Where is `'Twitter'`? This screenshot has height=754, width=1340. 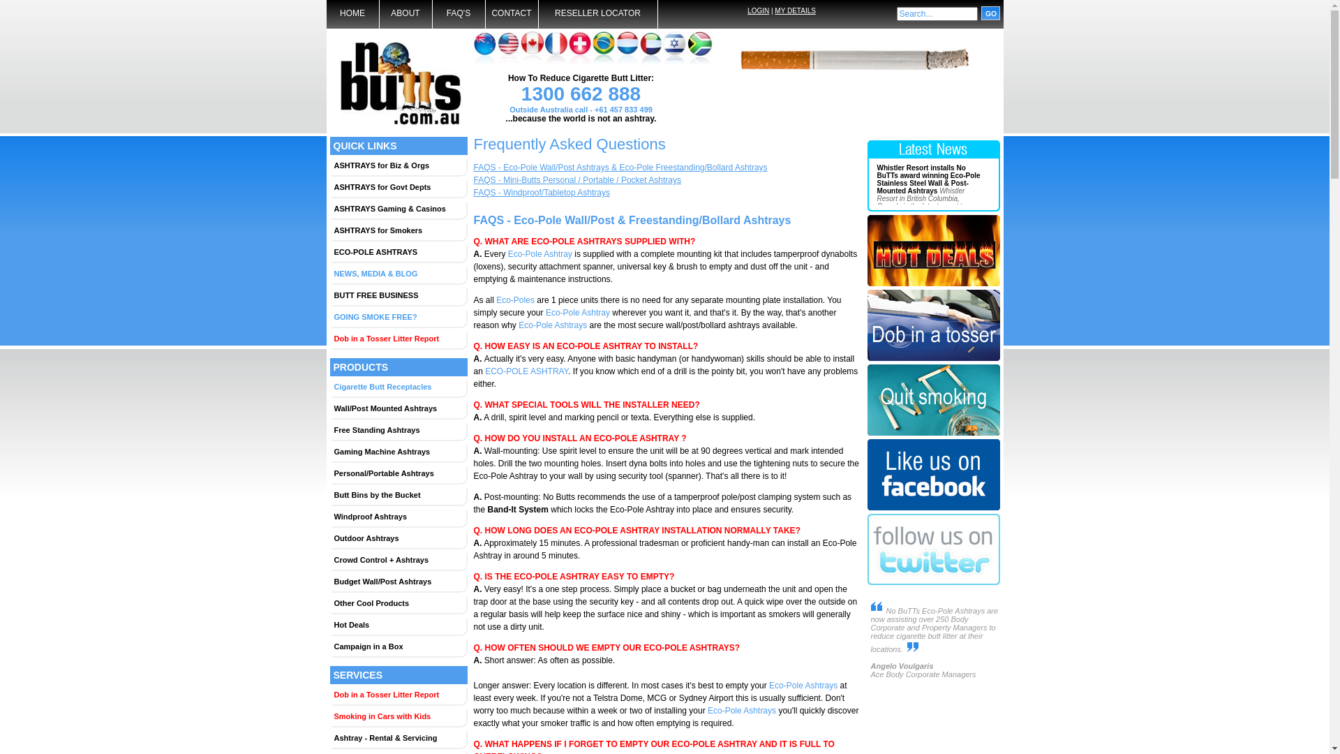
'Twitter' is located at coordinates (933, 586).